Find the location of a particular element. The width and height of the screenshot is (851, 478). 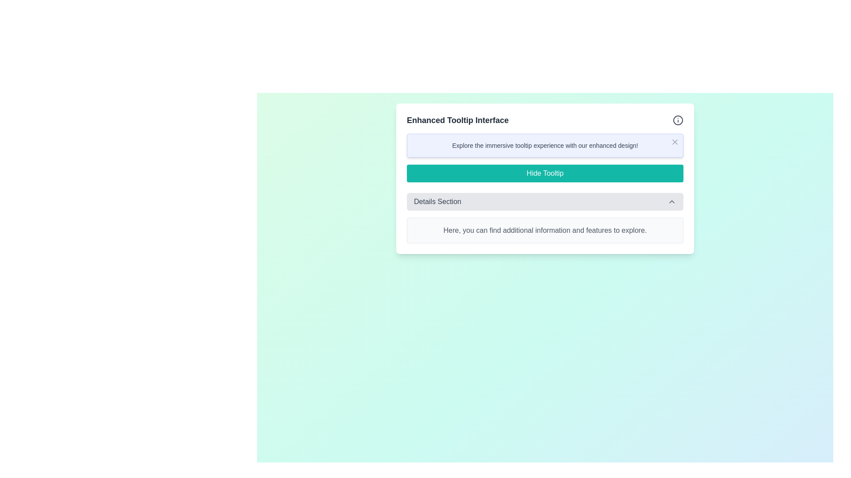

the informational icon ('i') located at the top-right corner of the 'Enhanced Tooltip Interface' section is located at coordinates (678, 120).